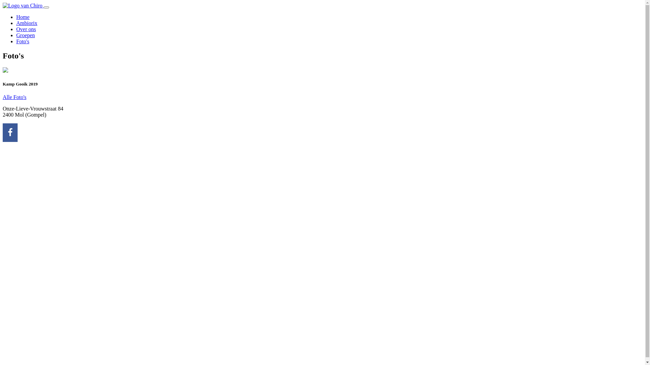 Image resolution: width=650 pixels, height=365 pixels. Describe the element at coordinates (26, 23) in the screenshot. I see `'Ambiorix'` at that location.